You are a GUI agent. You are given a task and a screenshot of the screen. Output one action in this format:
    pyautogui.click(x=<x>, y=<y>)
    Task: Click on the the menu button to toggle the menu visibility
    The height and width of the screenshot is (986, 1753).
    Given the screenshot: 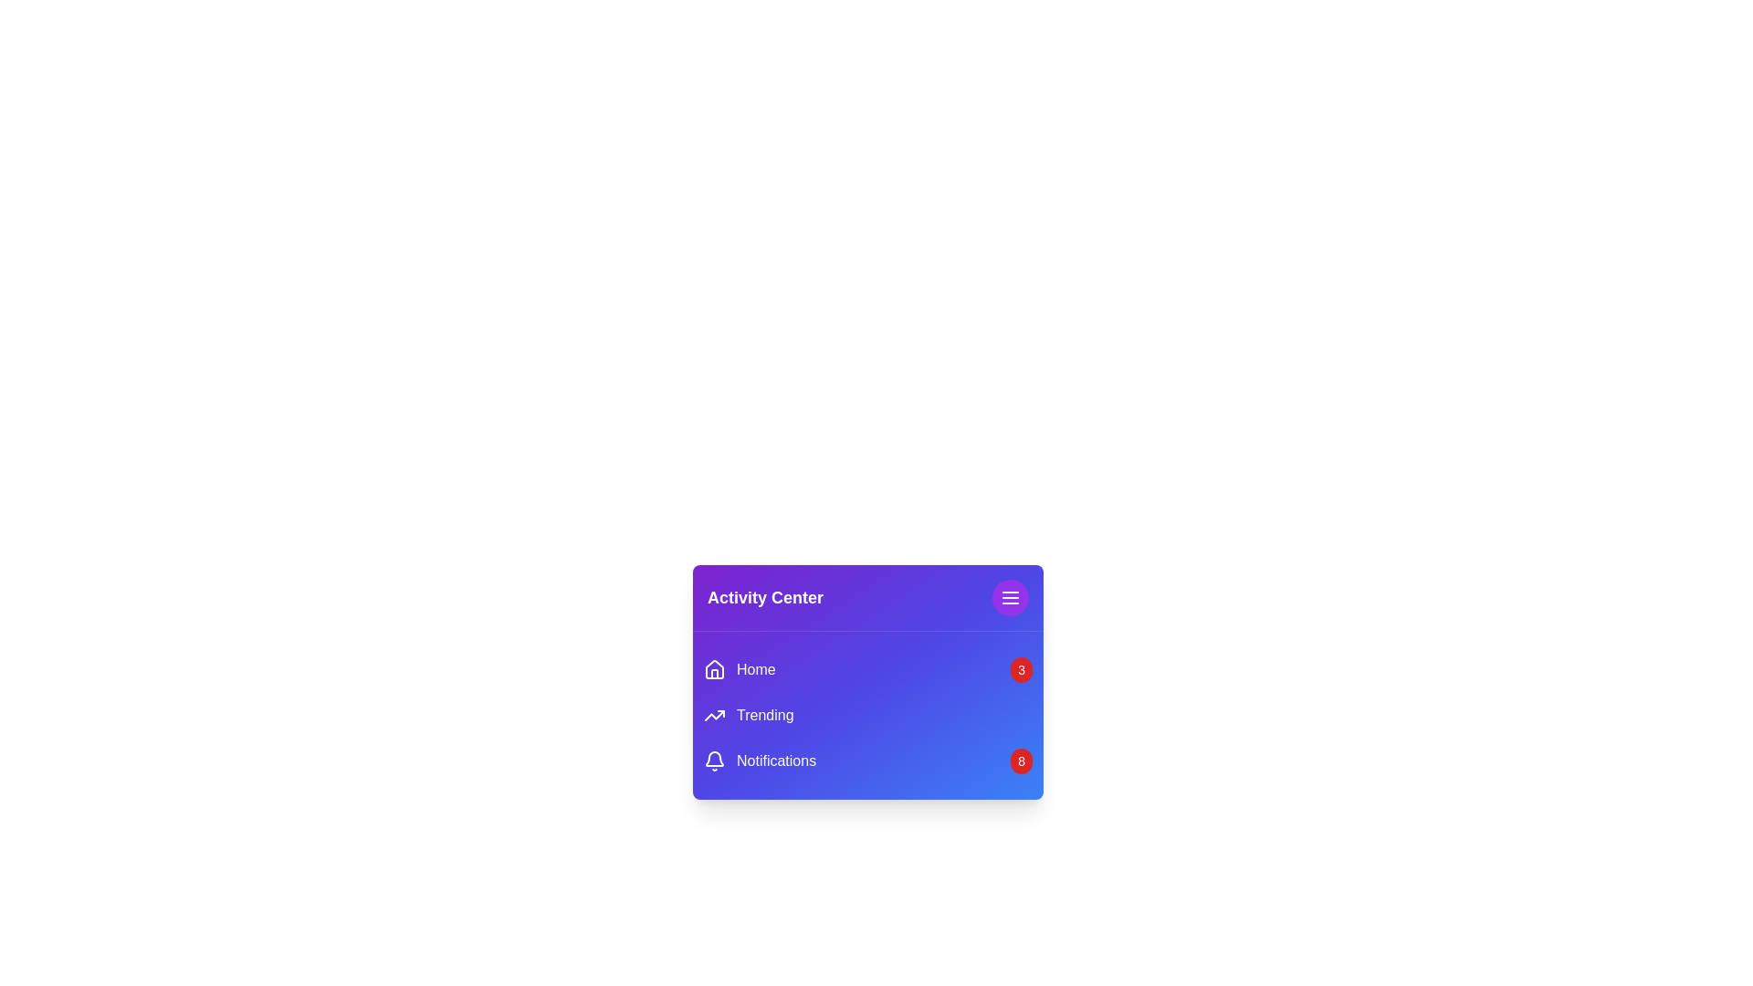 What is the action you would take?
    pyautogui.click(x=1010, y=598)
    